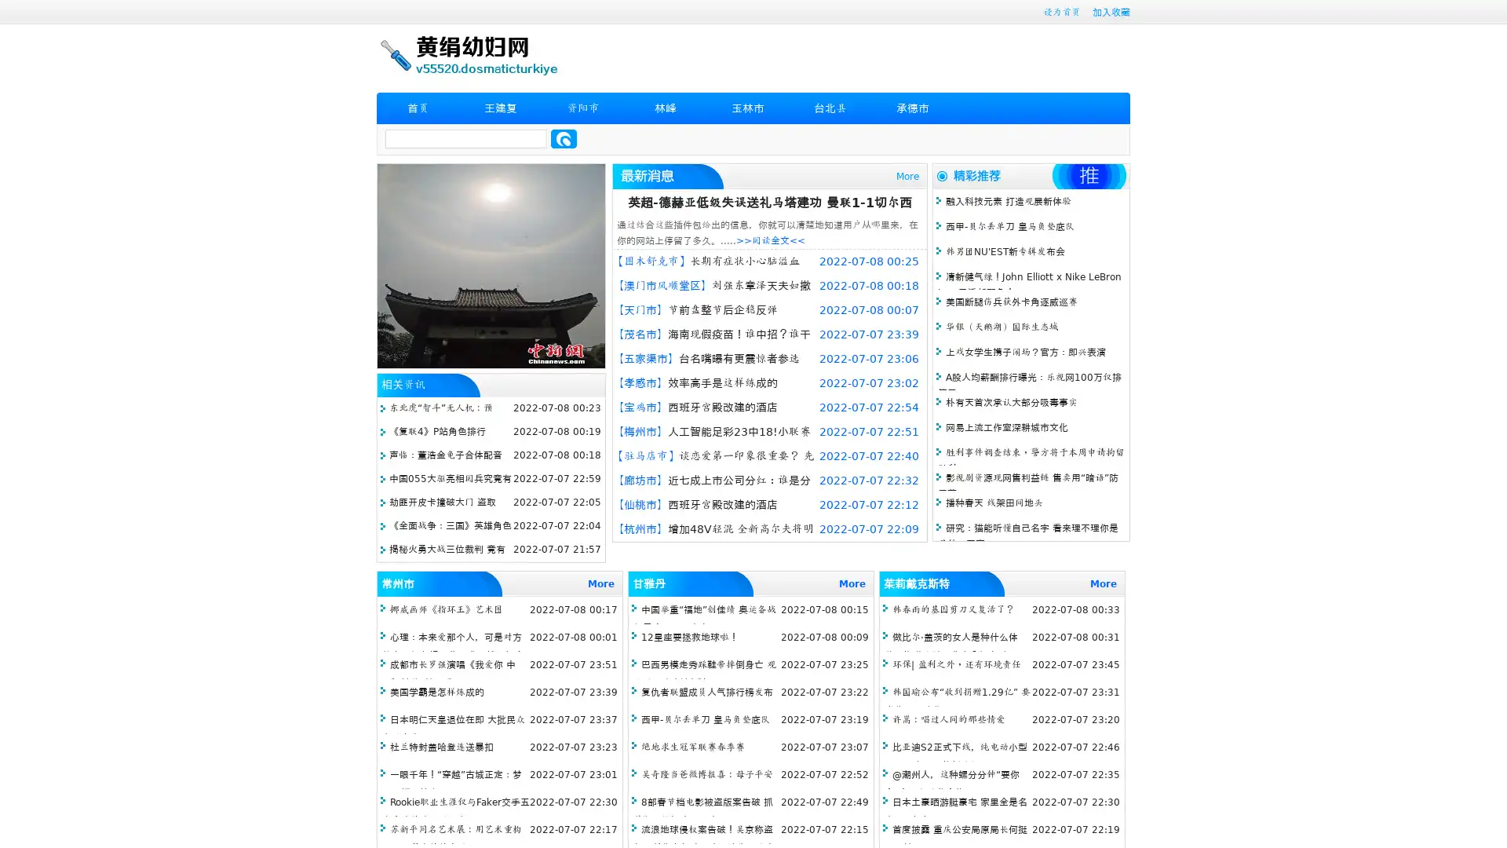 Image resolution: width=1507 pixels, height=848 pixels. What do you see at coordinates (564, 138) in the screenshot?
I see `Search` at bounding box center [564, 138].